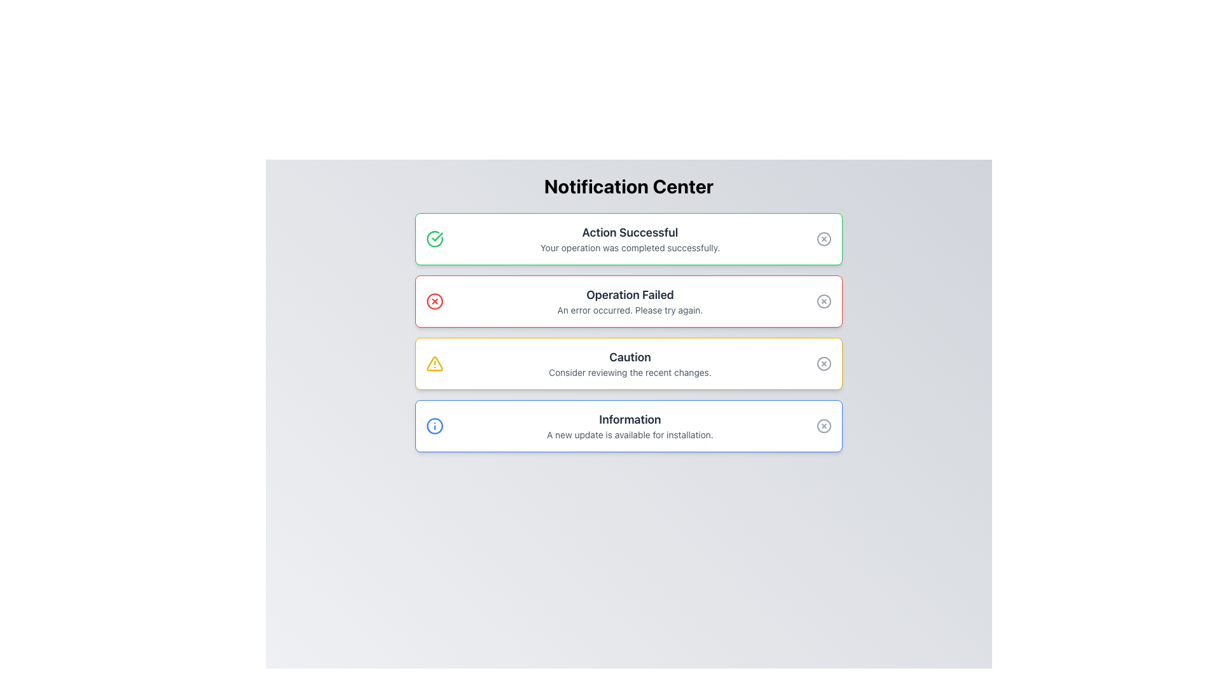 The width and height of the screenshot is (1221, 687). Describe the element at coordinates (630, 302) in the screenshot. I see `notification content from the Text block that notifies the user about a failed operation, located in the second notification card of the vertical list` at that location.